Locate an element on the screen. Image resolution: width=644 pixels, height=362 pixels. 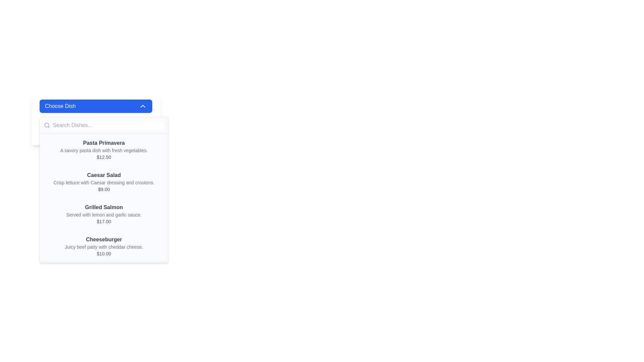
the content of the text label stating 'Juicy beef patty with cheddar cheese.' located below the title 'Cheeseburger' in the menu card is located at coordinates (104, 247).